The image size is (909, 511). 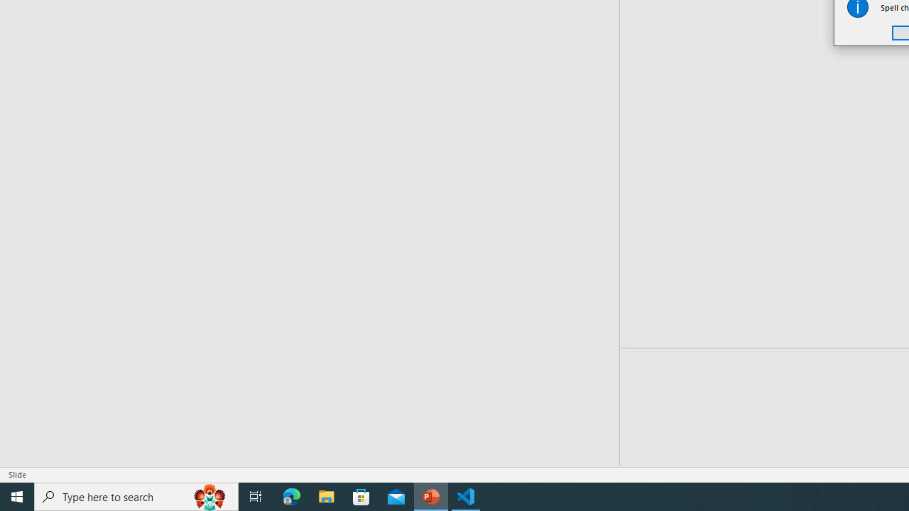 I want to click on 'Microsoft Edge', so click(x=291, y=495).